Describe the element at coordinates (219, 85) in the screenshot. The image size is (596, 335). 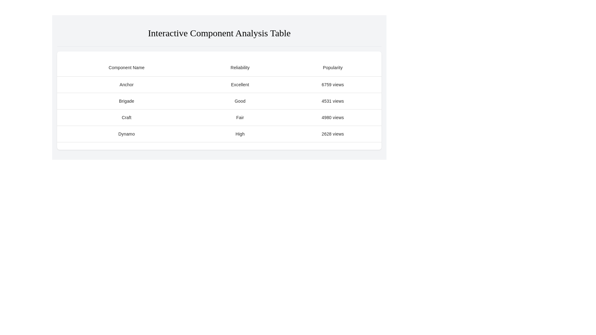
I see `the first row of the table displaying 'Anchor', 'Excellent', and '6759 views'` at that location.